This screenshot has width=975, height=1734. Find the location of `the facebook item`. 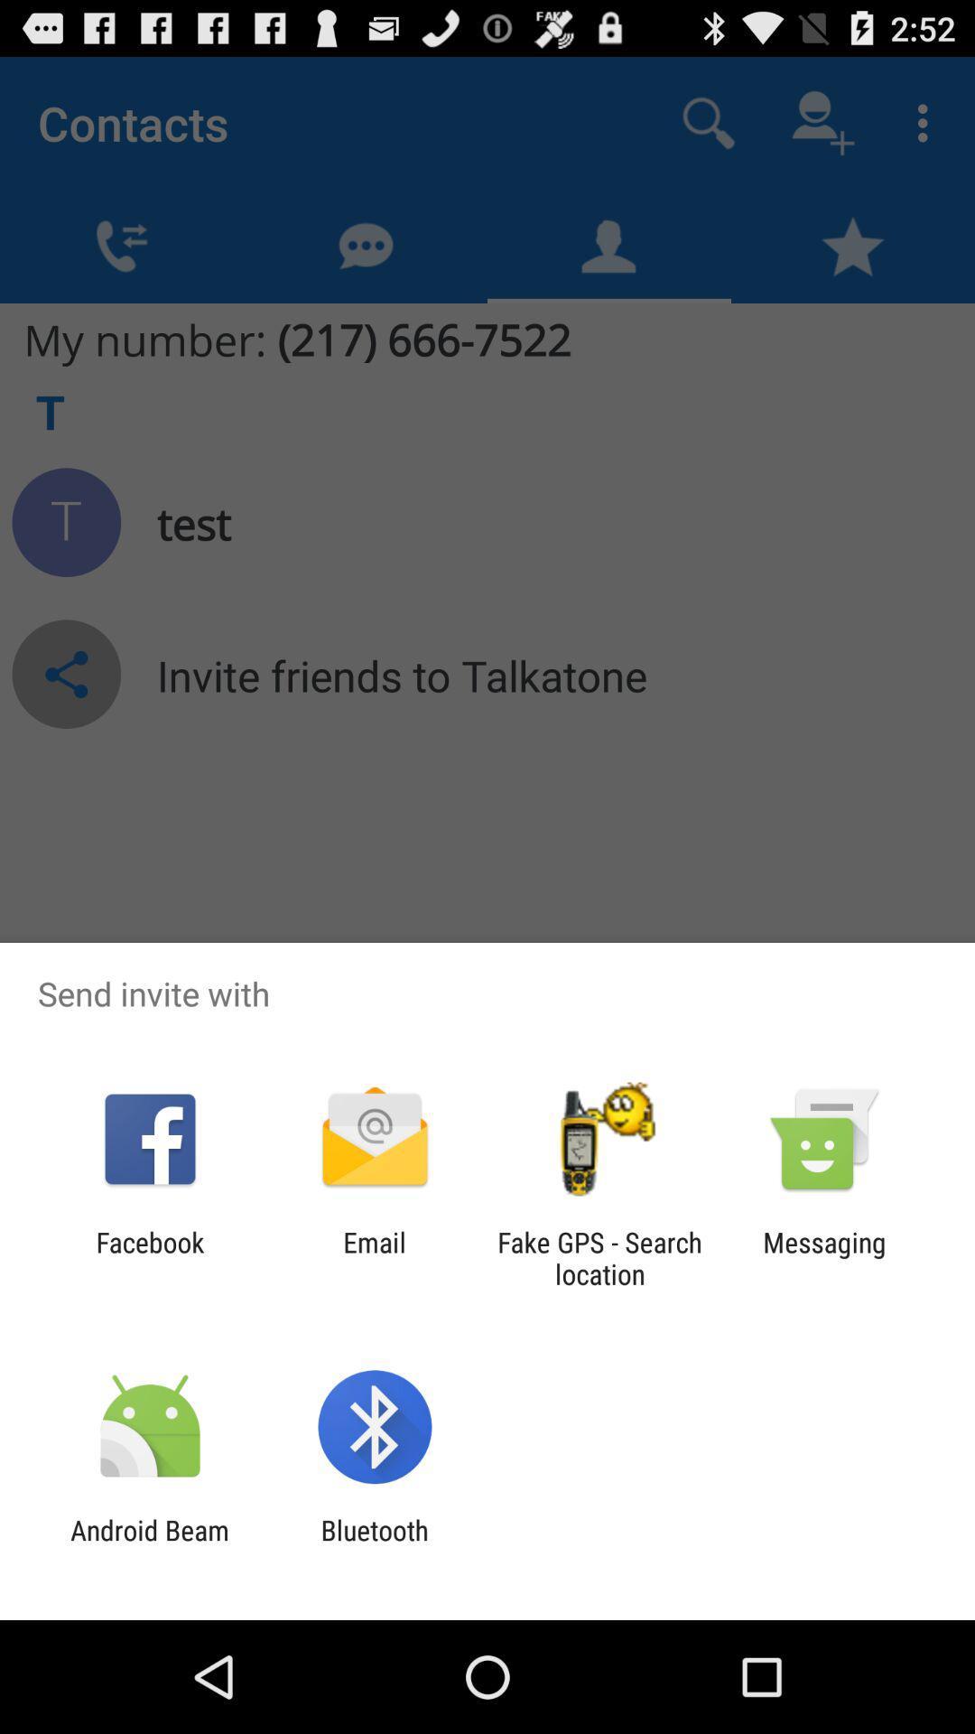

the facebook item is located at coordinates (149, 1257).